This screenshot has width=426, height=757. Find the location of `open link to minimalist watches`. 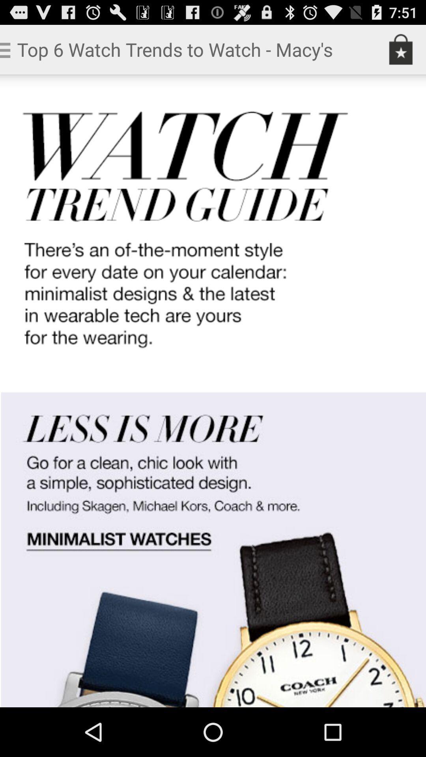

open link to minimalist watches is located at coordinates (213, 391).